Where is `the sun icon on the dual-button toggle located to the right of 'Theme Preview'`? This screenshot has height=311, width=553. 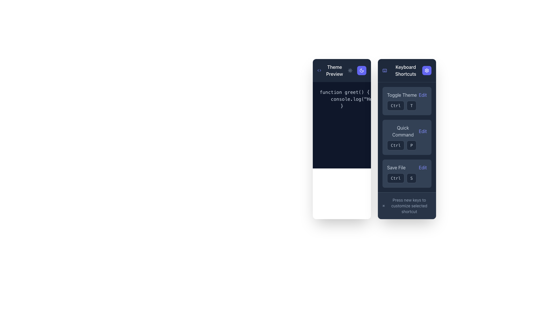 the sun icon on the dual-button toggle located to the right of 'Theme Preview' is located at coordinates (356, 70).